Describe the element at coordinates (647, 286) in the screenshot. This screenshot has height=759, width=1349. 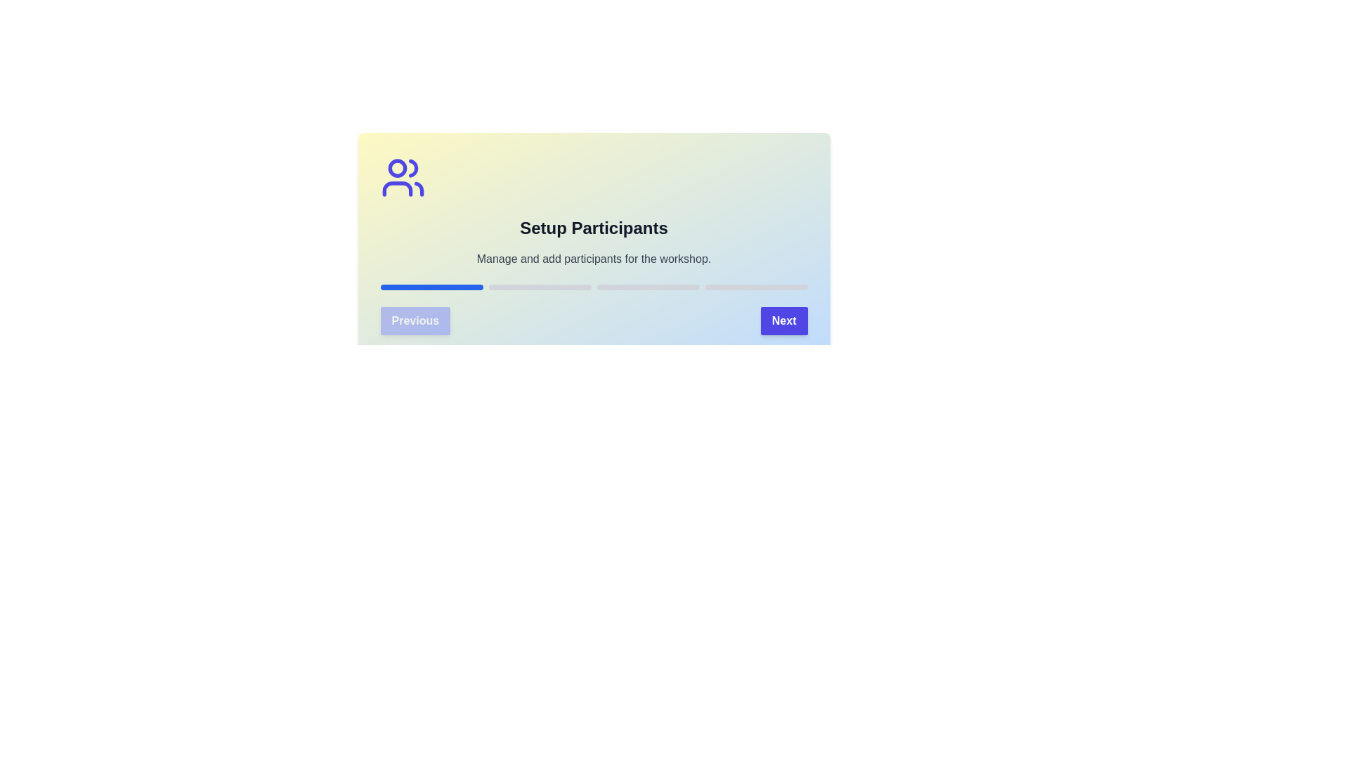
I see `the progress bar segment corresponding to stage 3` at that location.